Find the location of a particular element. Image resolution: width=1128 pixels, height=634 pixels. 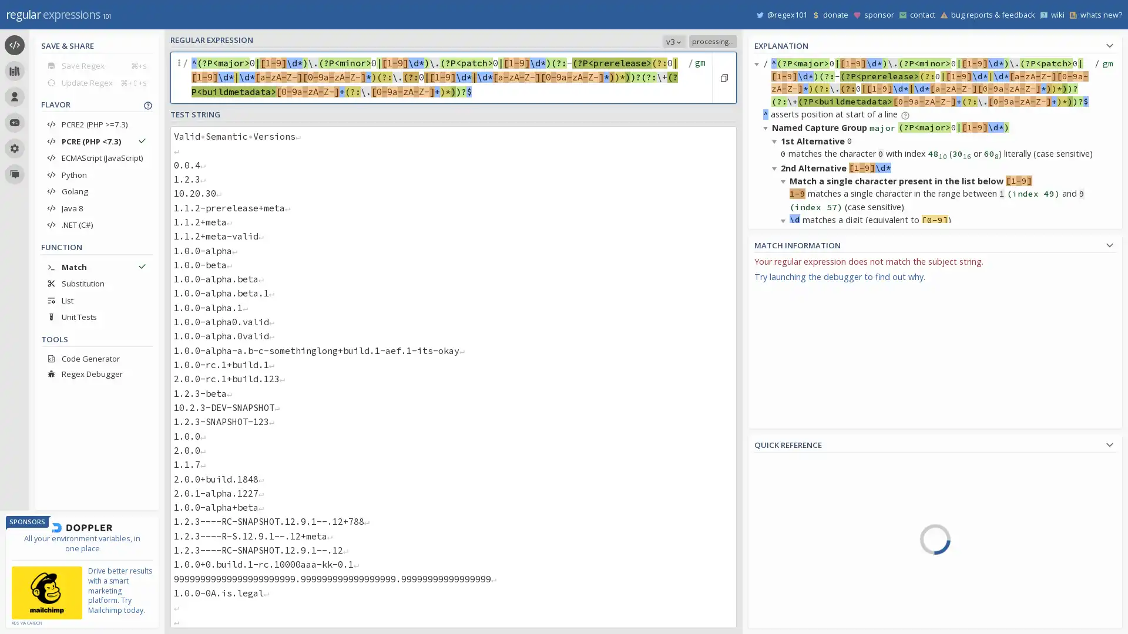

Group patch is located at coordinates (806, 622).